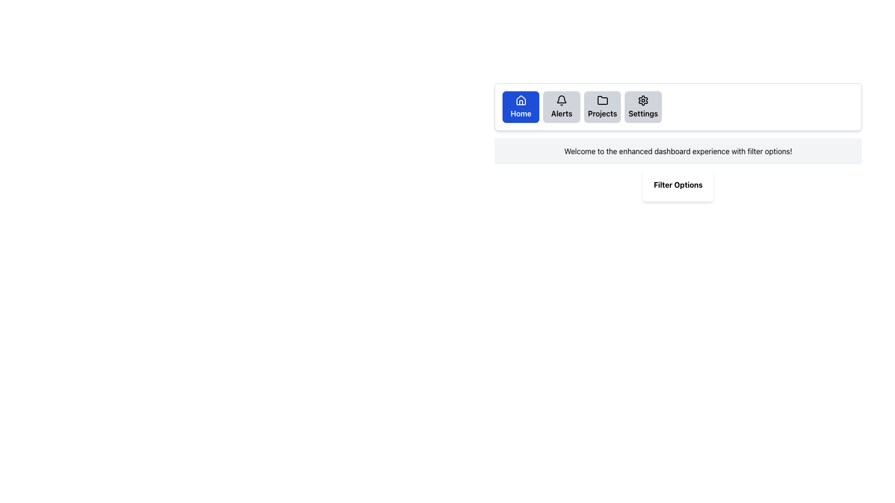 This screenshot has width=895, height=503. What do you see at coordinates (602, 100) in the screenshot?
I see `the 'Projects' folder icon in the horizontal navigation menu` at bounding box center [602, 100].